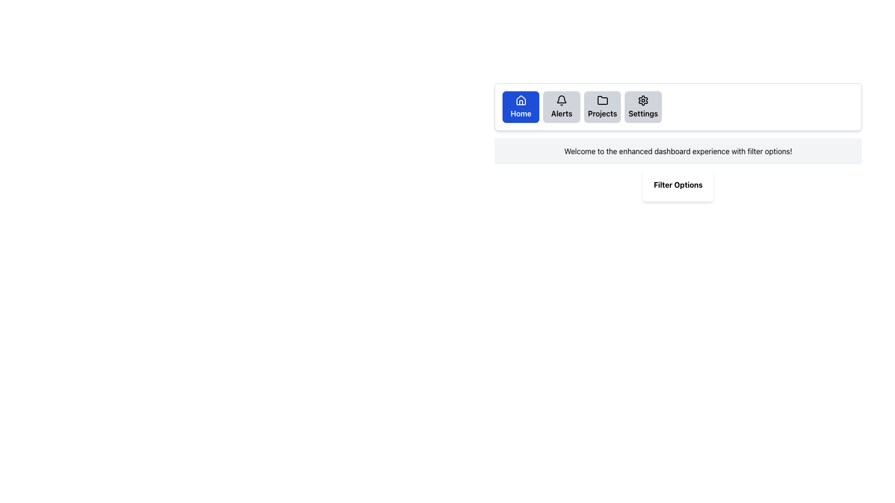 This screenshot has width=895, height=503. What do you see at coordinates (602, 100) in the screenshot?
I see `the 'Projects' folder icon in the horizontal navigation menu` at bounding box center [602, 100].